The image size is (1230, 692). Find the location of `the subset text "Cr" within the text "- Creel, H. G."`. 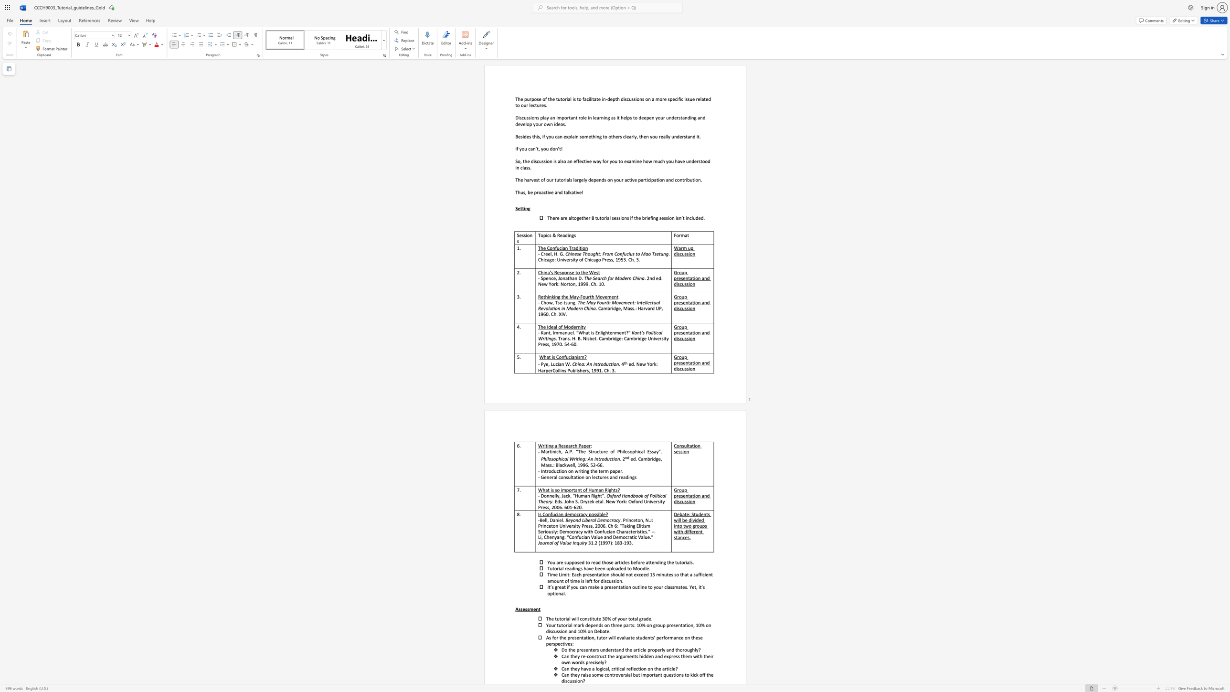

the subset text "Cr" within the text "- Creel, H. G." is located at coordinates (541, 254).